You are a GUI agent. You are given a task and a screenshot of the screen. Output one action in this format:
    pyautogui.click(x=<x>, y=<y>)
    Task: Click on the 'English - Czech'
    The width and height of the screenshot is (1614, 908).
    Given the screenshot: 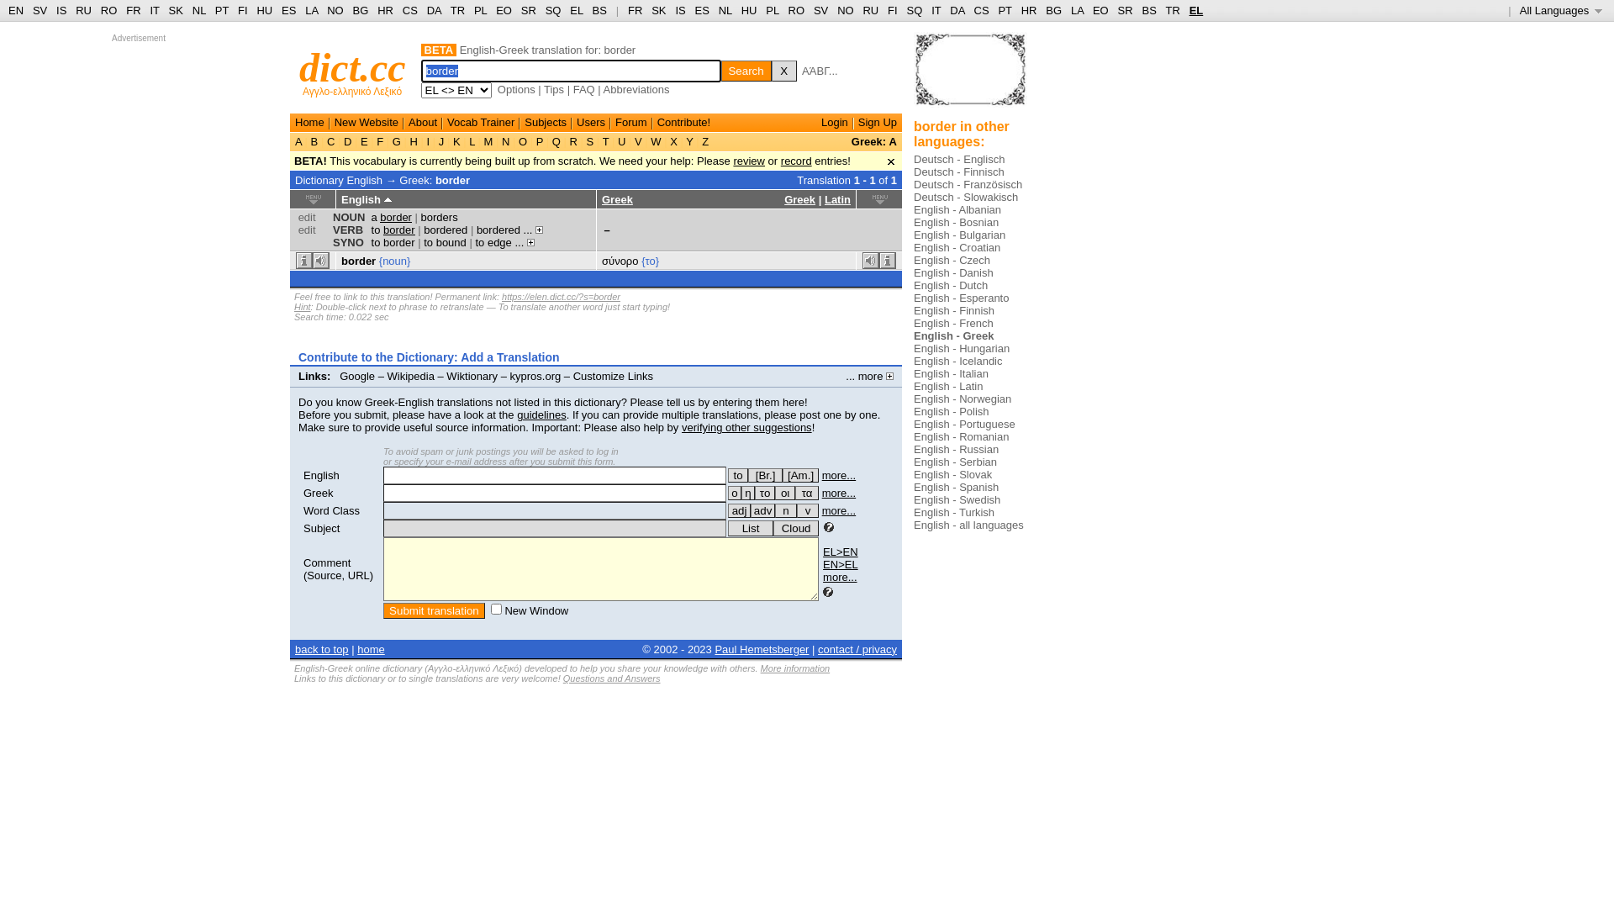 What is the action you would take?
    pyautogui.click(x=952, y=260)
    